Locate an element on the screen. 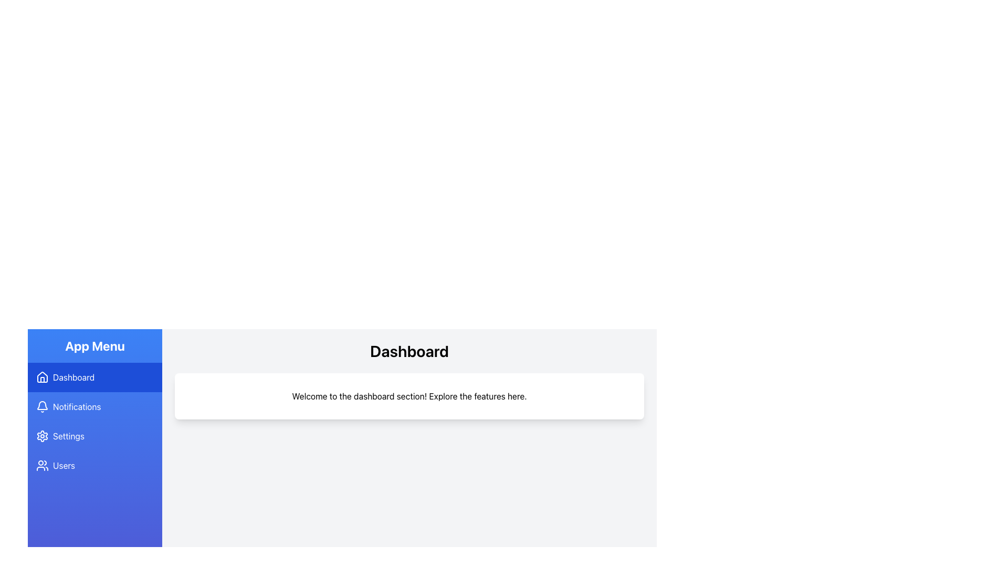 Image resolution: width=1008 pixels, height=567 pixels. text from the Text Block that says 'Welcome to the dashboard section! Explore the features here.' This element is a notification formatted within a white box with rounded corners located below the header 'Dashboard' is located at coordinates (408, 396).